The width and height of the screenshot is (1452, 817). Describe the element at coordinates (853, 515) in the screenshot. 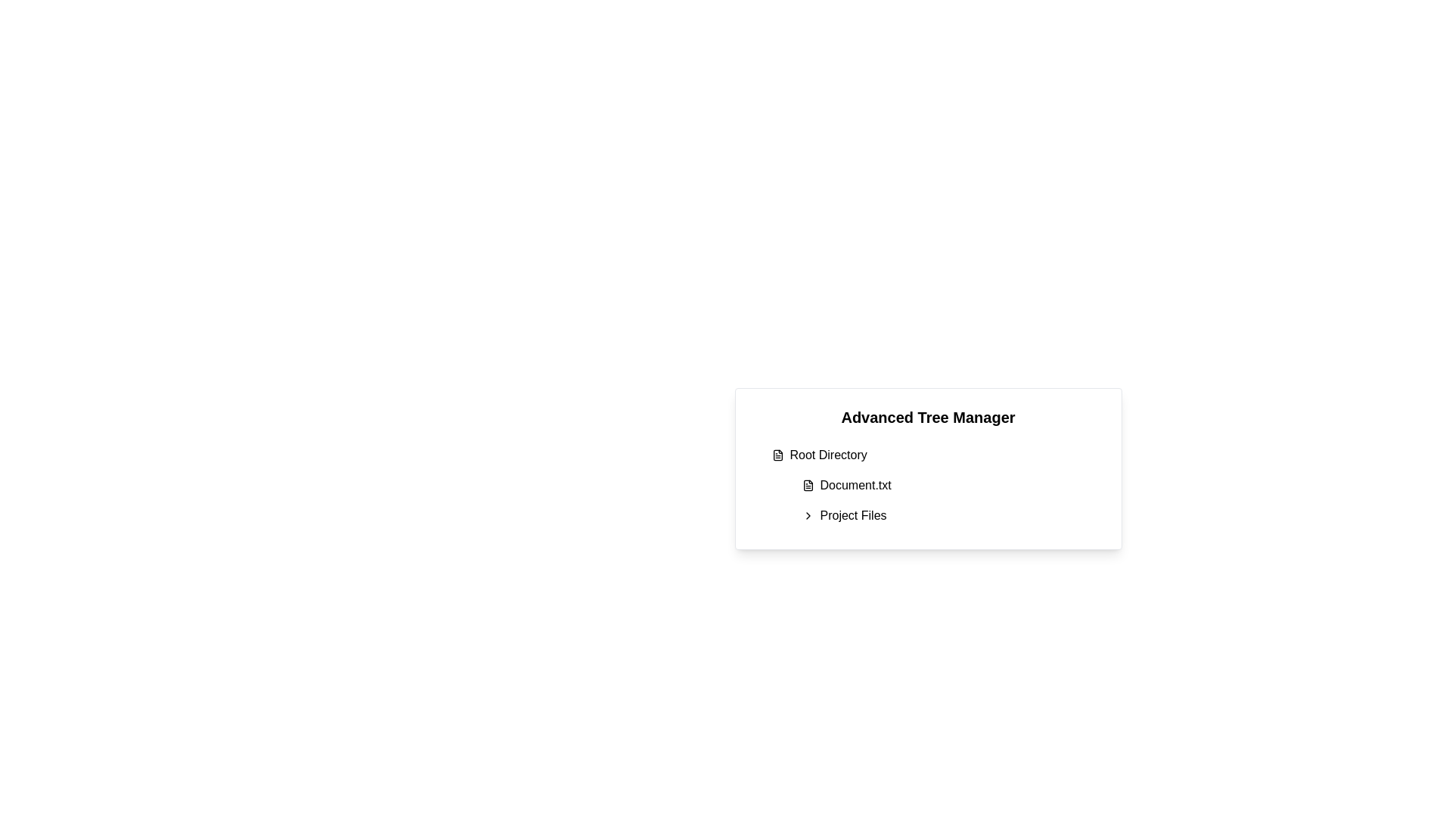

I see `the text label 'Project Files' located under 'Document.txt' in the tree navigation to trigger a tooltip or highlight effect` at that location.